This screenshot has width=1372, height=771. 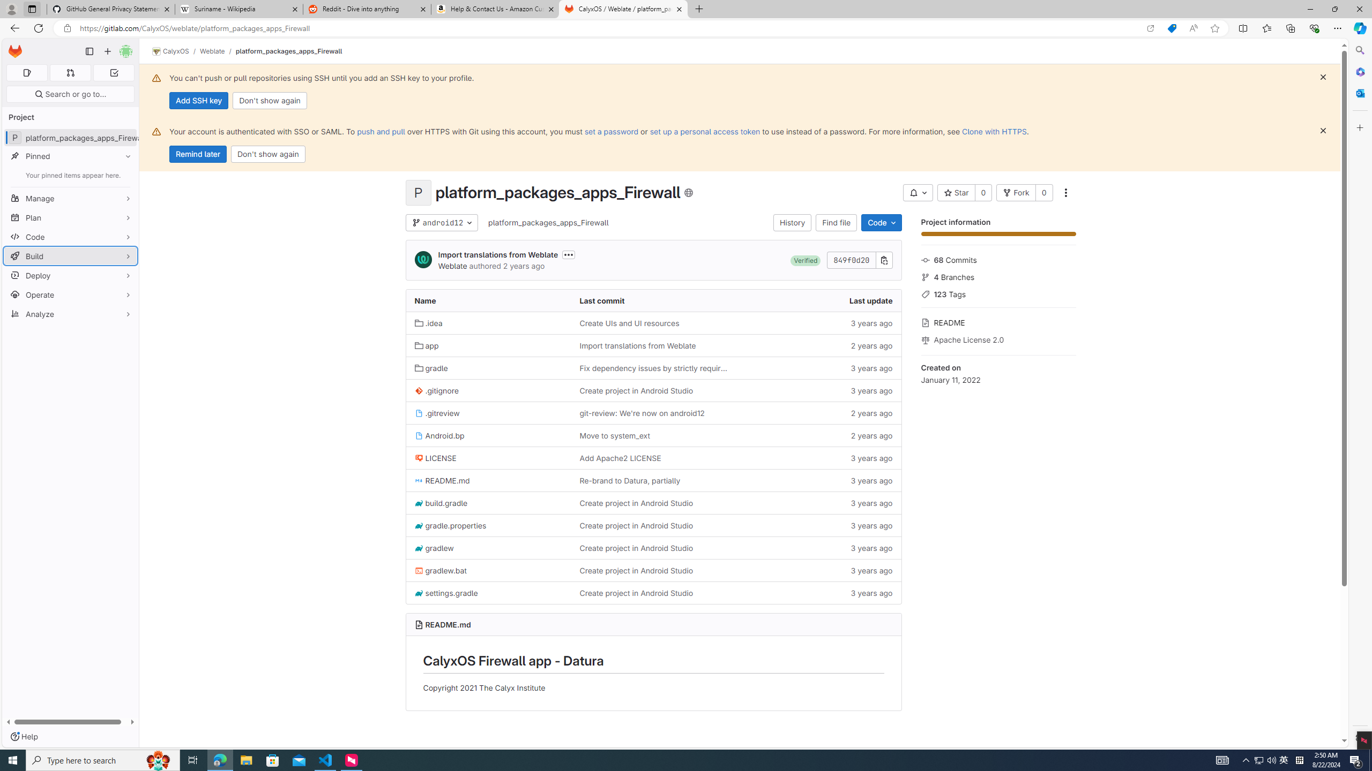 What do you see at coordinates (653, 301) in the screenshot?
I see `'Last commit'` at bounding box center [653, 301].